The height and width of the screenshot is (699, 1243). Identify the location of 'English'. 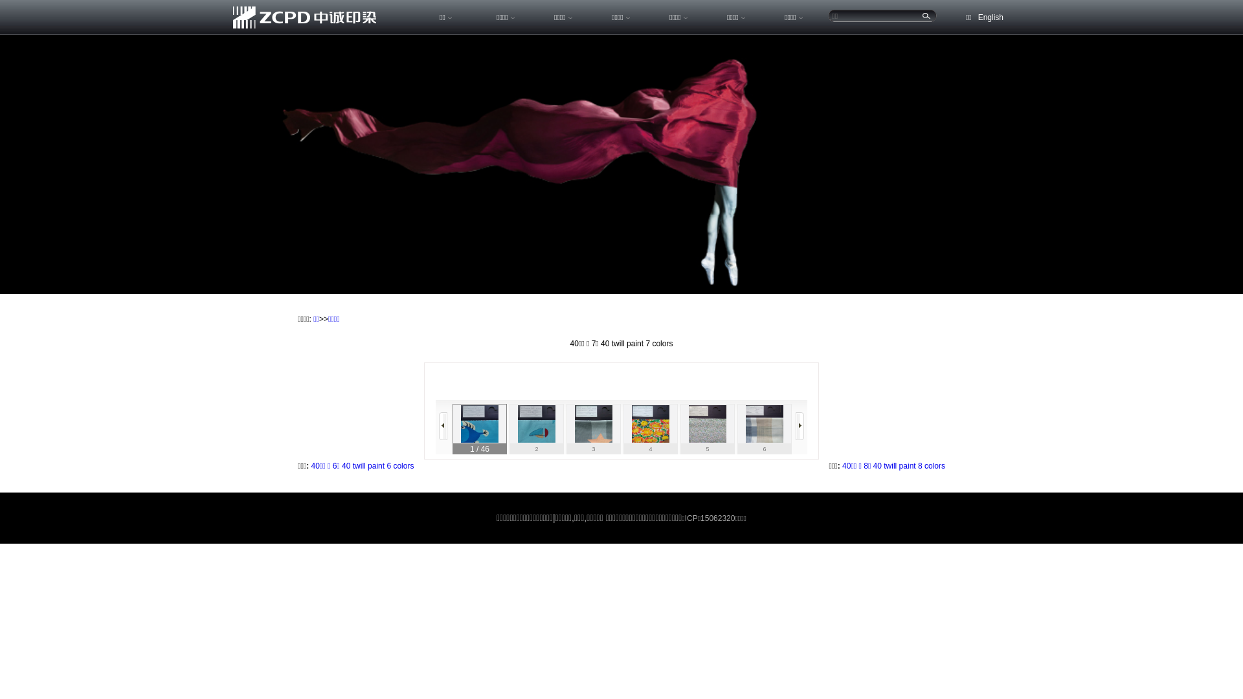
(990, 17).